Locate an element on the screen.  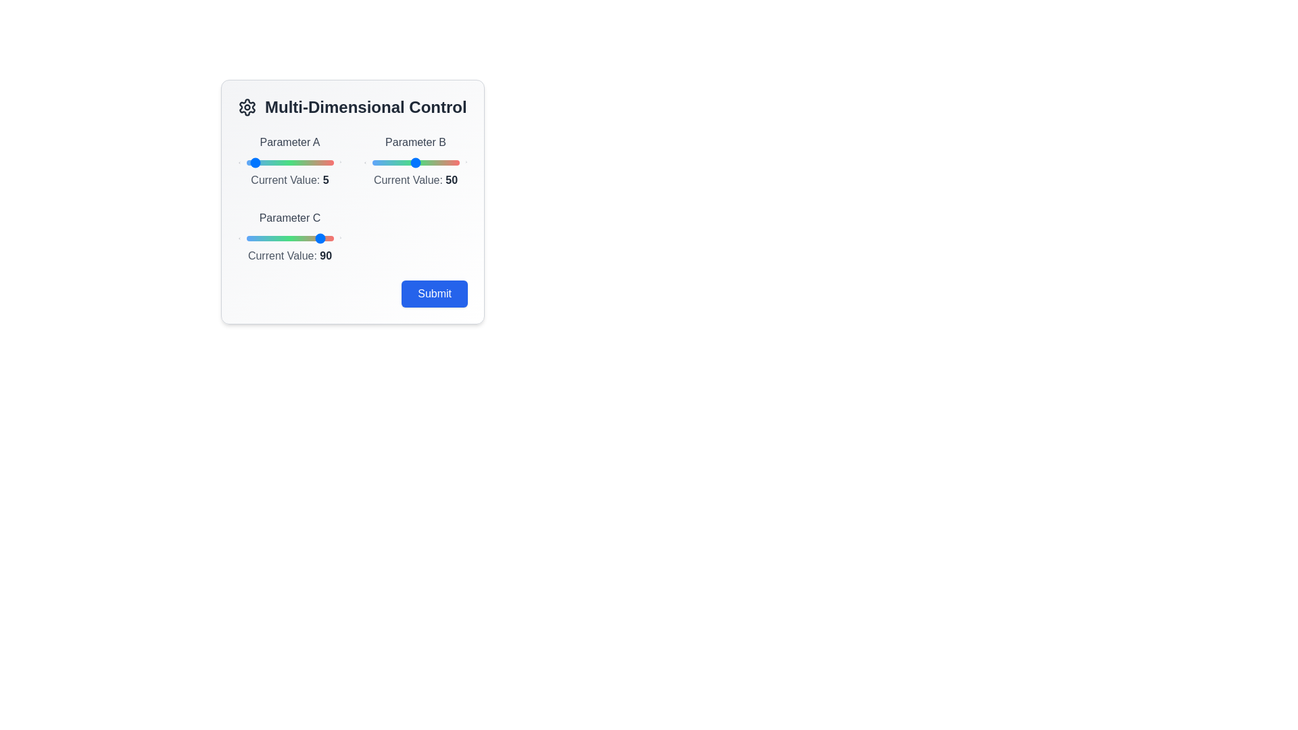
the Submit button to finalize the changes is located at coordinates (435, 293).